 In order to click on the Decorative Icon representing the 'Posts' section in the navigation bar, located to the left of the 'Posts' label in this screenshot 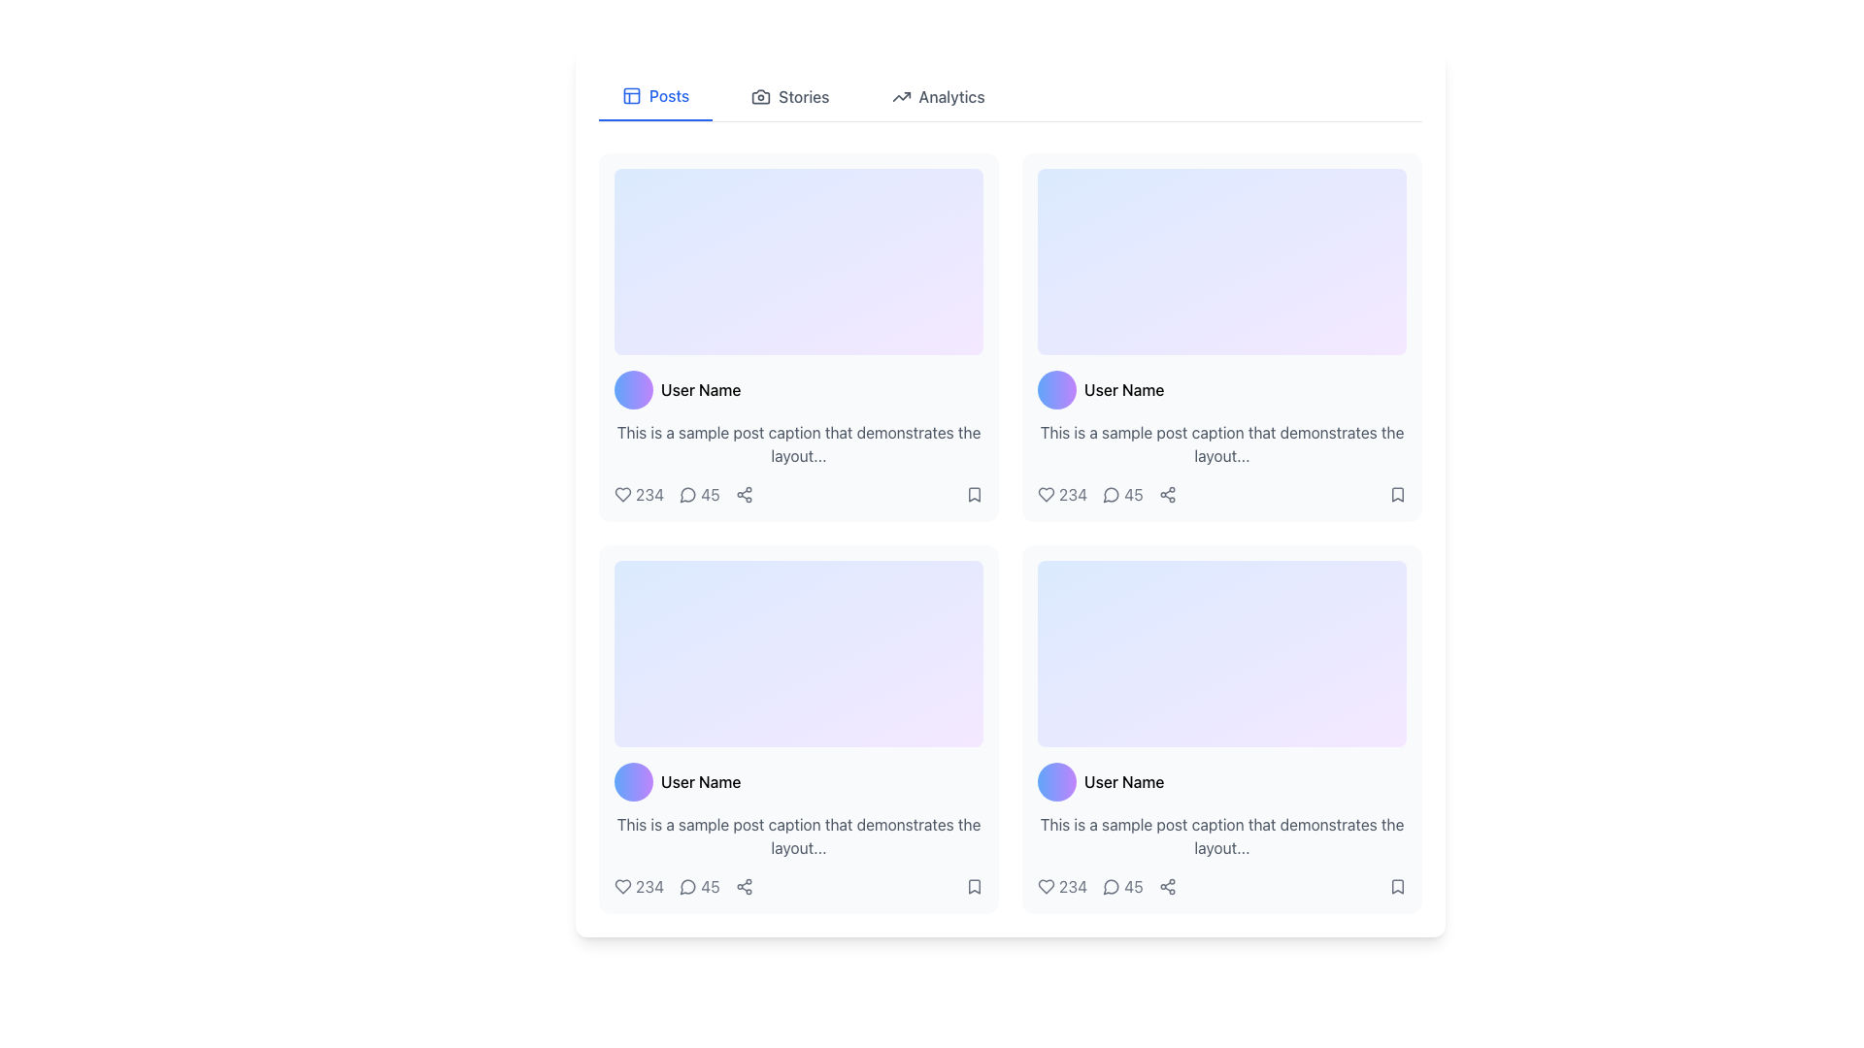, I will do `click(632, 96)`.